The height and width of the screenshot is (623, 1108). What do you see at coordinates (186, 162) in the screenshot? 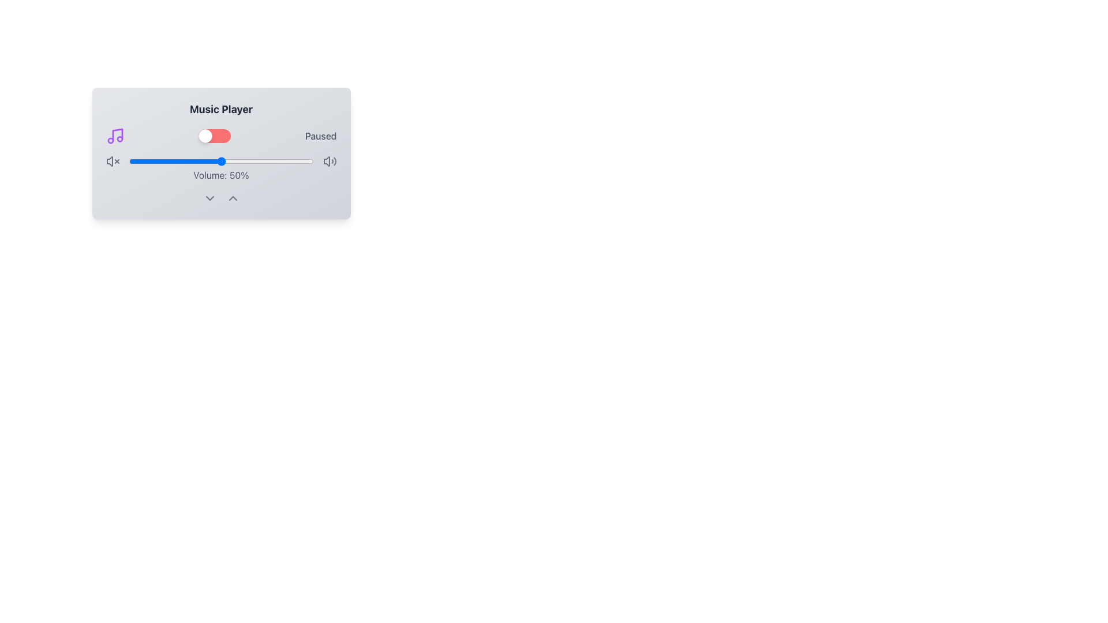
I see `volume` at bounding box center [186, 162].